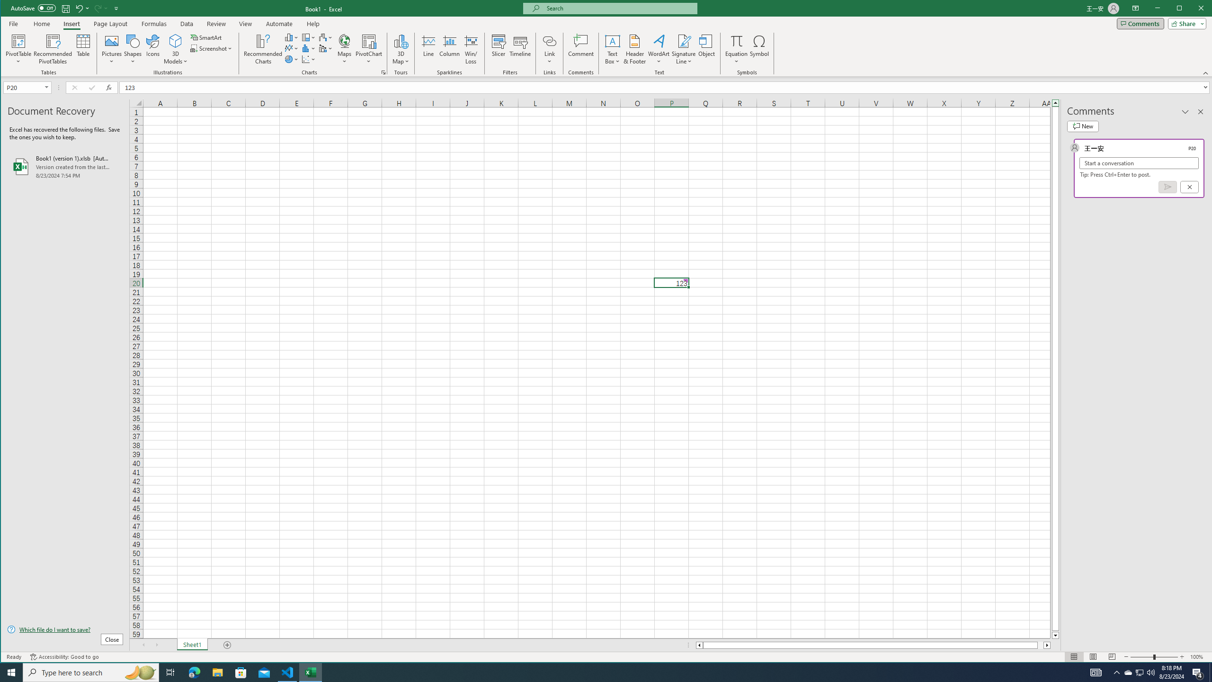  What do you see at coordinates (1150, 672) in the screenshot?
I see `'Q2790: 100%'` at bounding box center [1150, 672].